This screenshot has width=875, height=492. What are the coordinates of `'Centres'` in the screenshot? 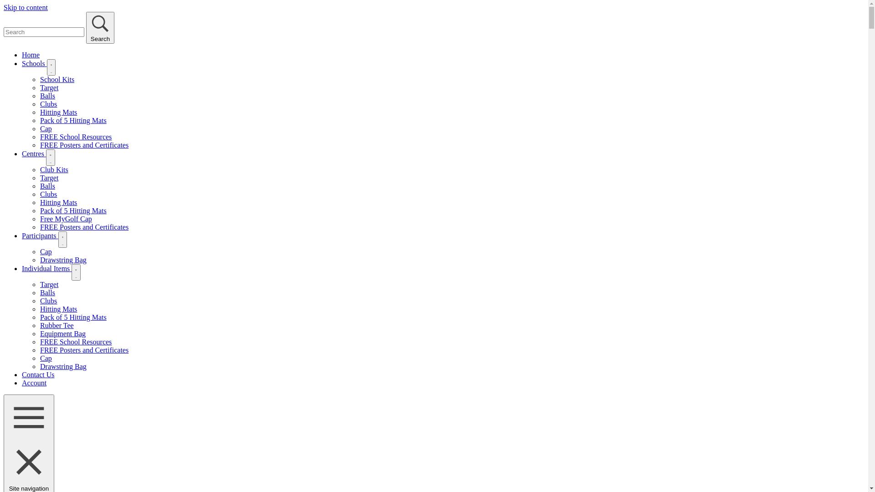 It's located at (34, 153).